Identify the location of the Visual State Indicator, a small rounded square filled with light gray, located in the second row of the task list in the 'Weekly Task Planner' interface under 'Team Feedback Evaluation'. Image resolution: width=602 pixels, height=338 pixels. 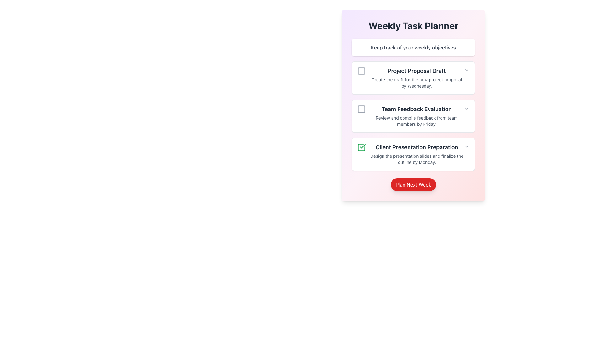
(361, 109).